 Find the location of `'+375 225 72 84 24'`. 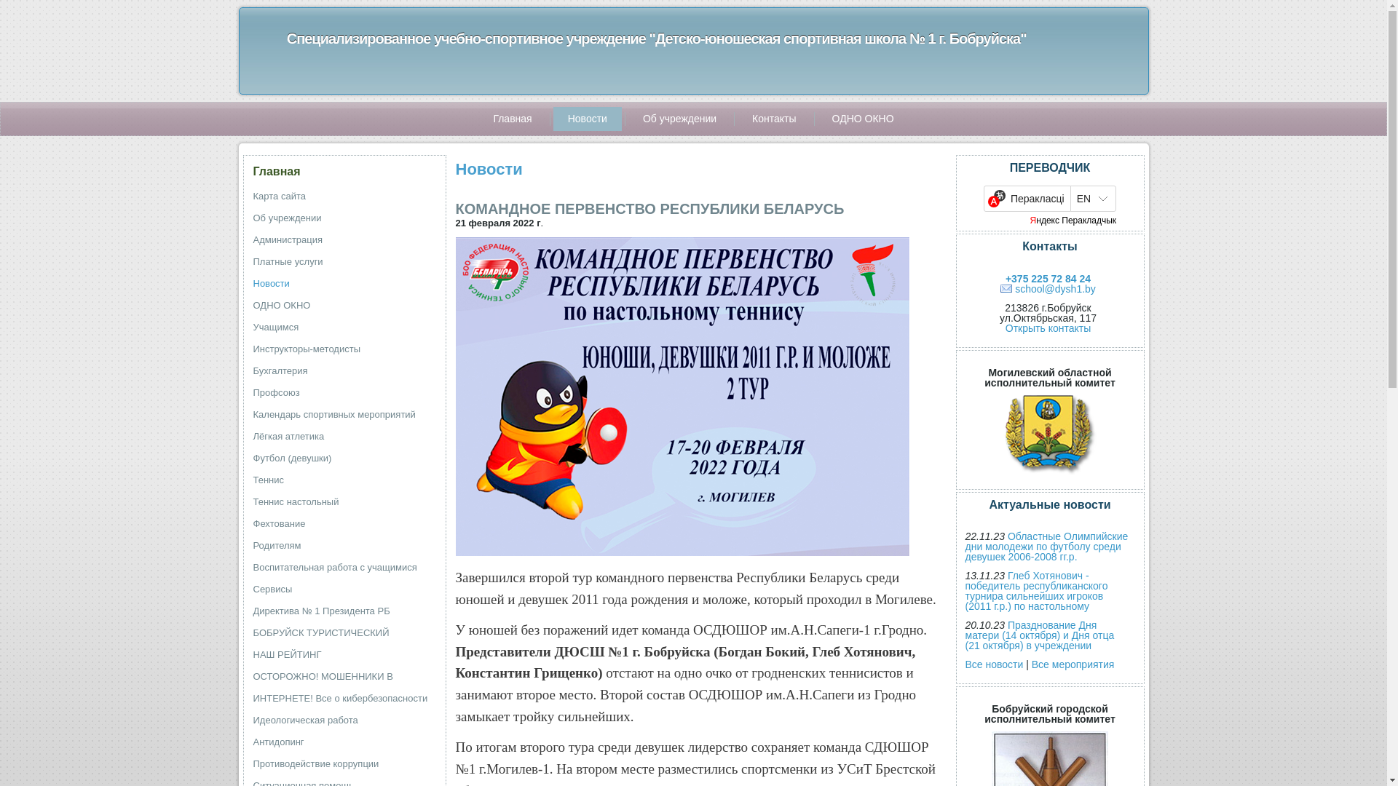

'+375 225 72 84 24' is located at coordinates (1047, 278).